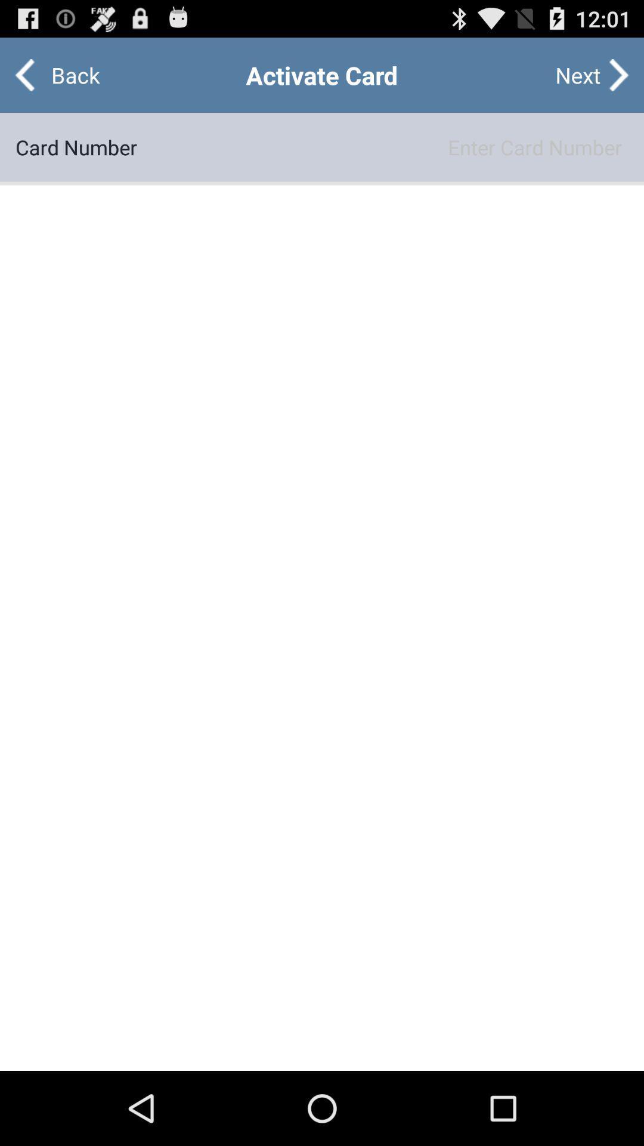 Image resolution: width=644 pixels, height=1146 pixels. I want to click on next item, so click(577, 74).